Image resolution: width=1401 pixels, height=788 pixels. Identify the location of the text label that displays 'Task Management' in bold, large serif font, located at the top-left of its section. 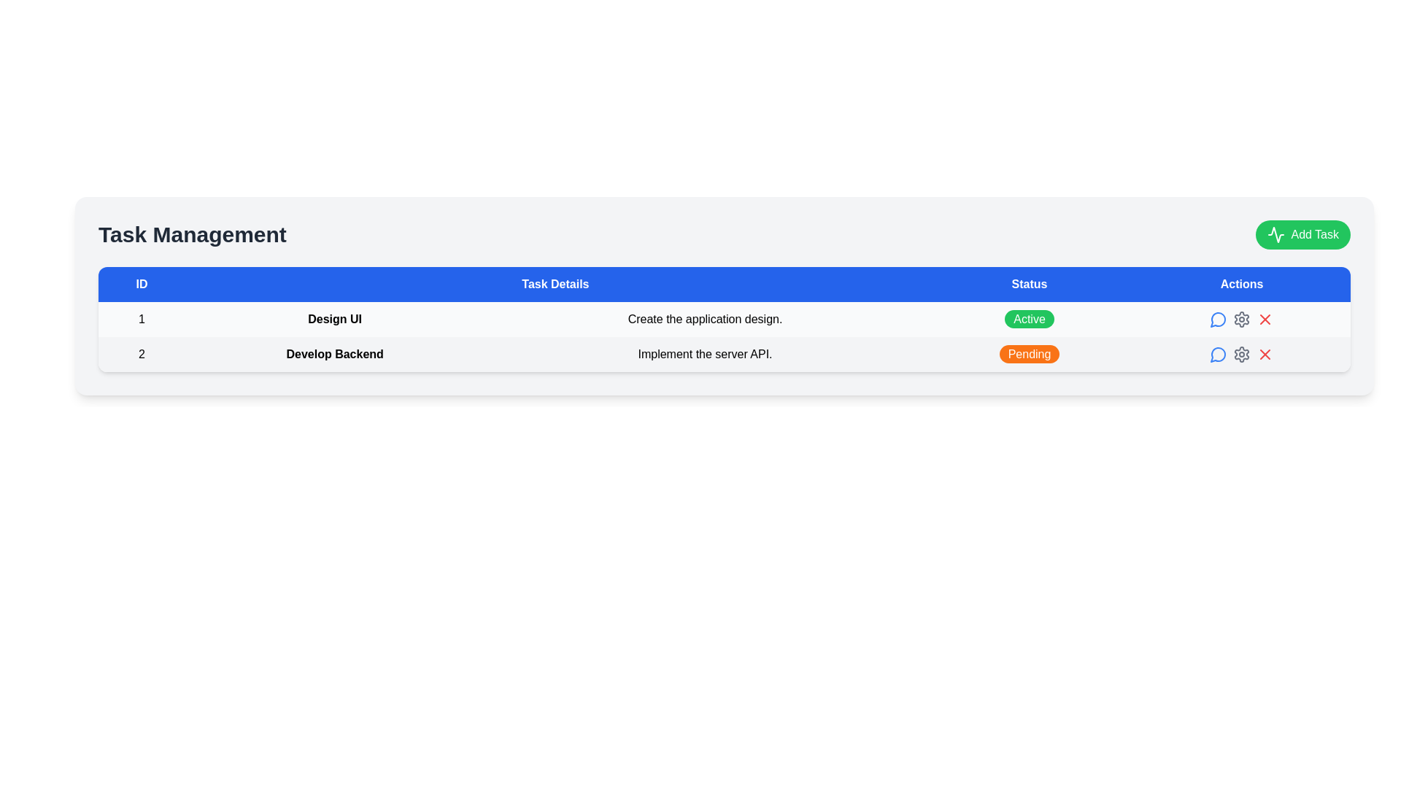
(192, 233).